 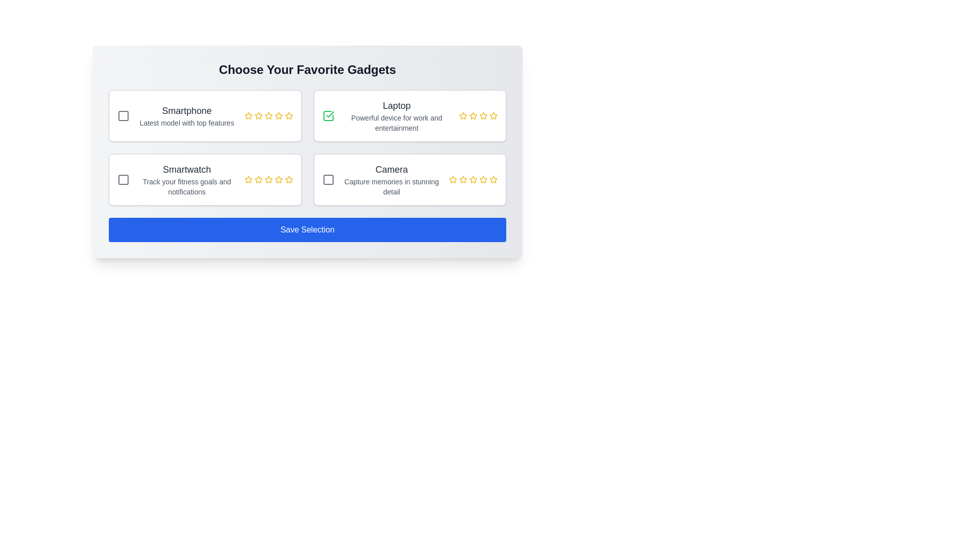 What do you see at coordinates (307, 230) in the screenshot?
I see `the 'Save Selection' button, which has a blue background, white text, and is positioned below the 'Choose Your Favorite Gadgets' grid` at bounding box center [307, 230].